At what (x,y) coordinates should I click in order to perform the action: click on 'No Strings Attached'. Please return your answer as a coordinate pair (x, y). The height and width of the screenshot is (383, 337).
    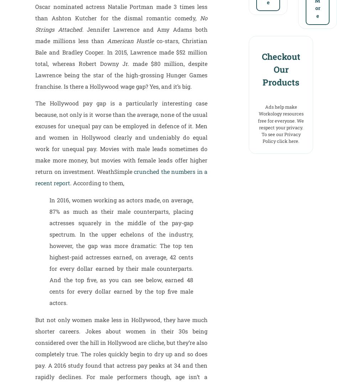
    Looking at the image, I should click on (35, 24).